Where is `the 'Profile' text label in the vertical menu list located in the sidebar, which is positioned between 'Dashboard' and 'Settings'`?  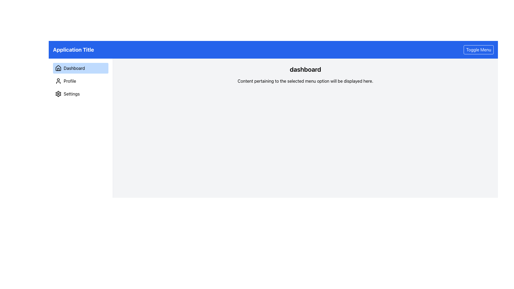 the 'Profile' text label in the vertical menu list located in the sidebar, which is positioned between 'Dashboard' and 'Settings' is located at coordinates (70, 81).